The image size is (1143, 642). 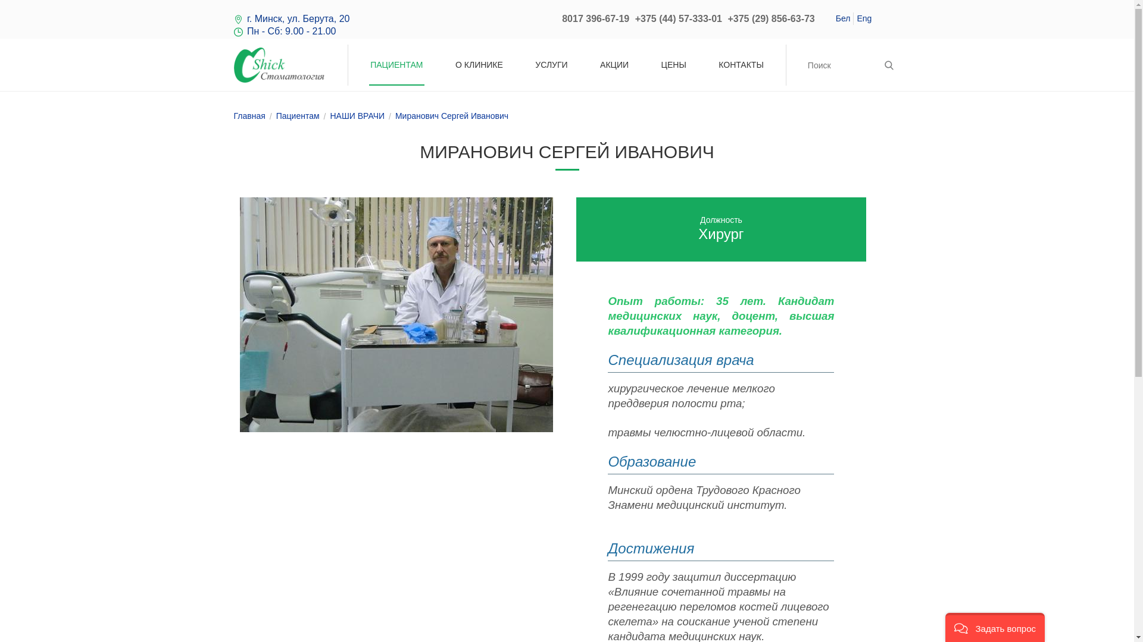 I want to click on 'Eng', so click(x=864, y=18).